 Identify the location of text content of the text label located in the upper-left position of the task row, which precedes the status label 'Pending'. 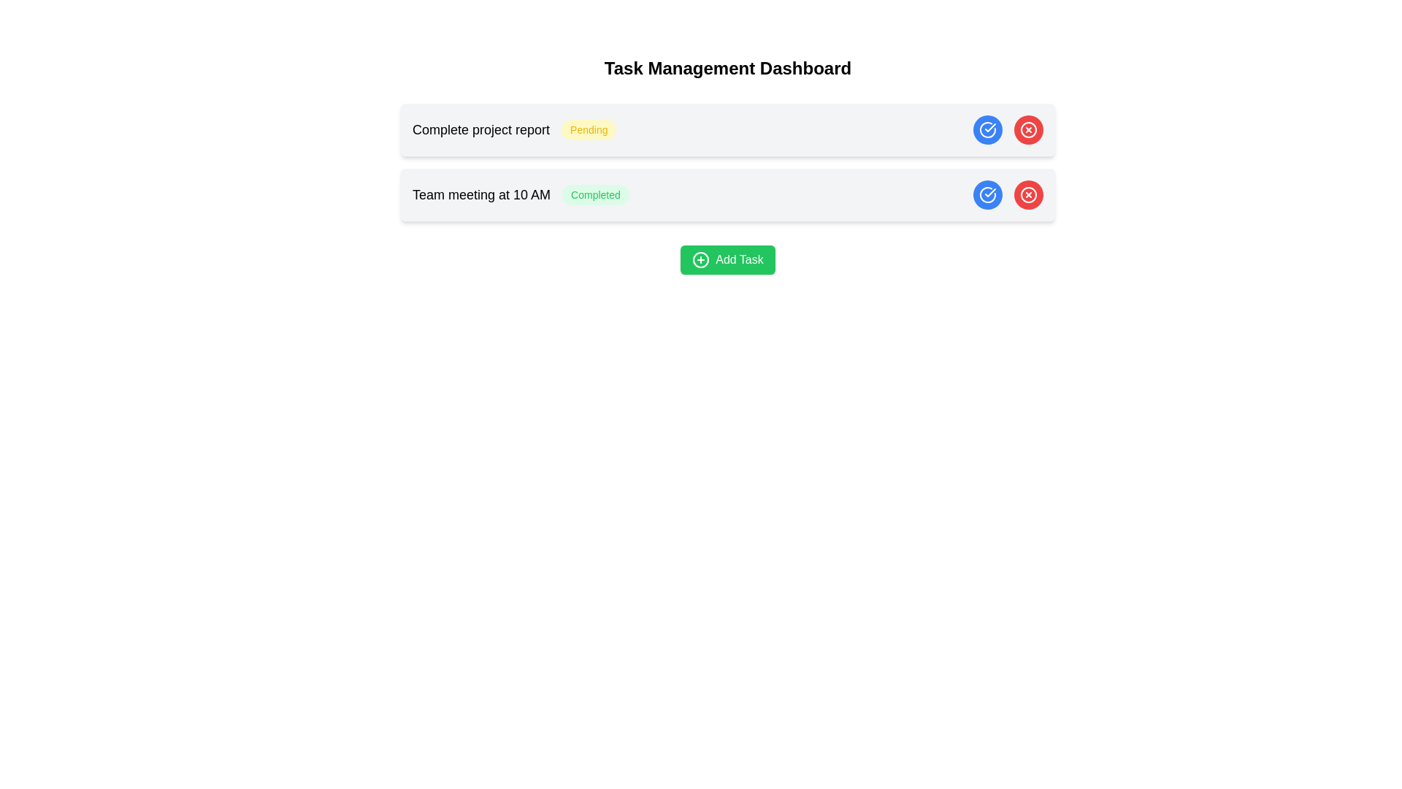
(481, 129).